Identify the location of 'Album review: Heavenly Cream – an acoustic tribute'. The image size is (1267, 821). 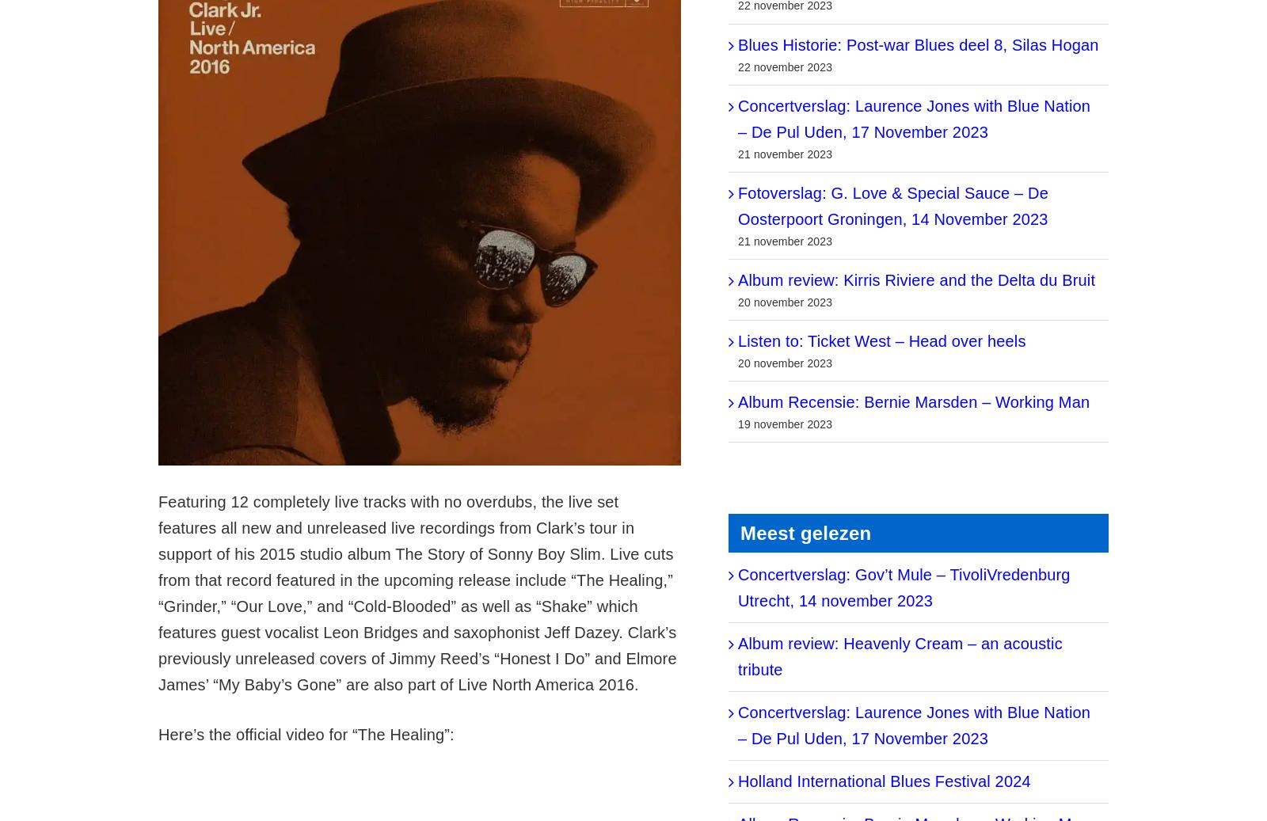
(900, 656).